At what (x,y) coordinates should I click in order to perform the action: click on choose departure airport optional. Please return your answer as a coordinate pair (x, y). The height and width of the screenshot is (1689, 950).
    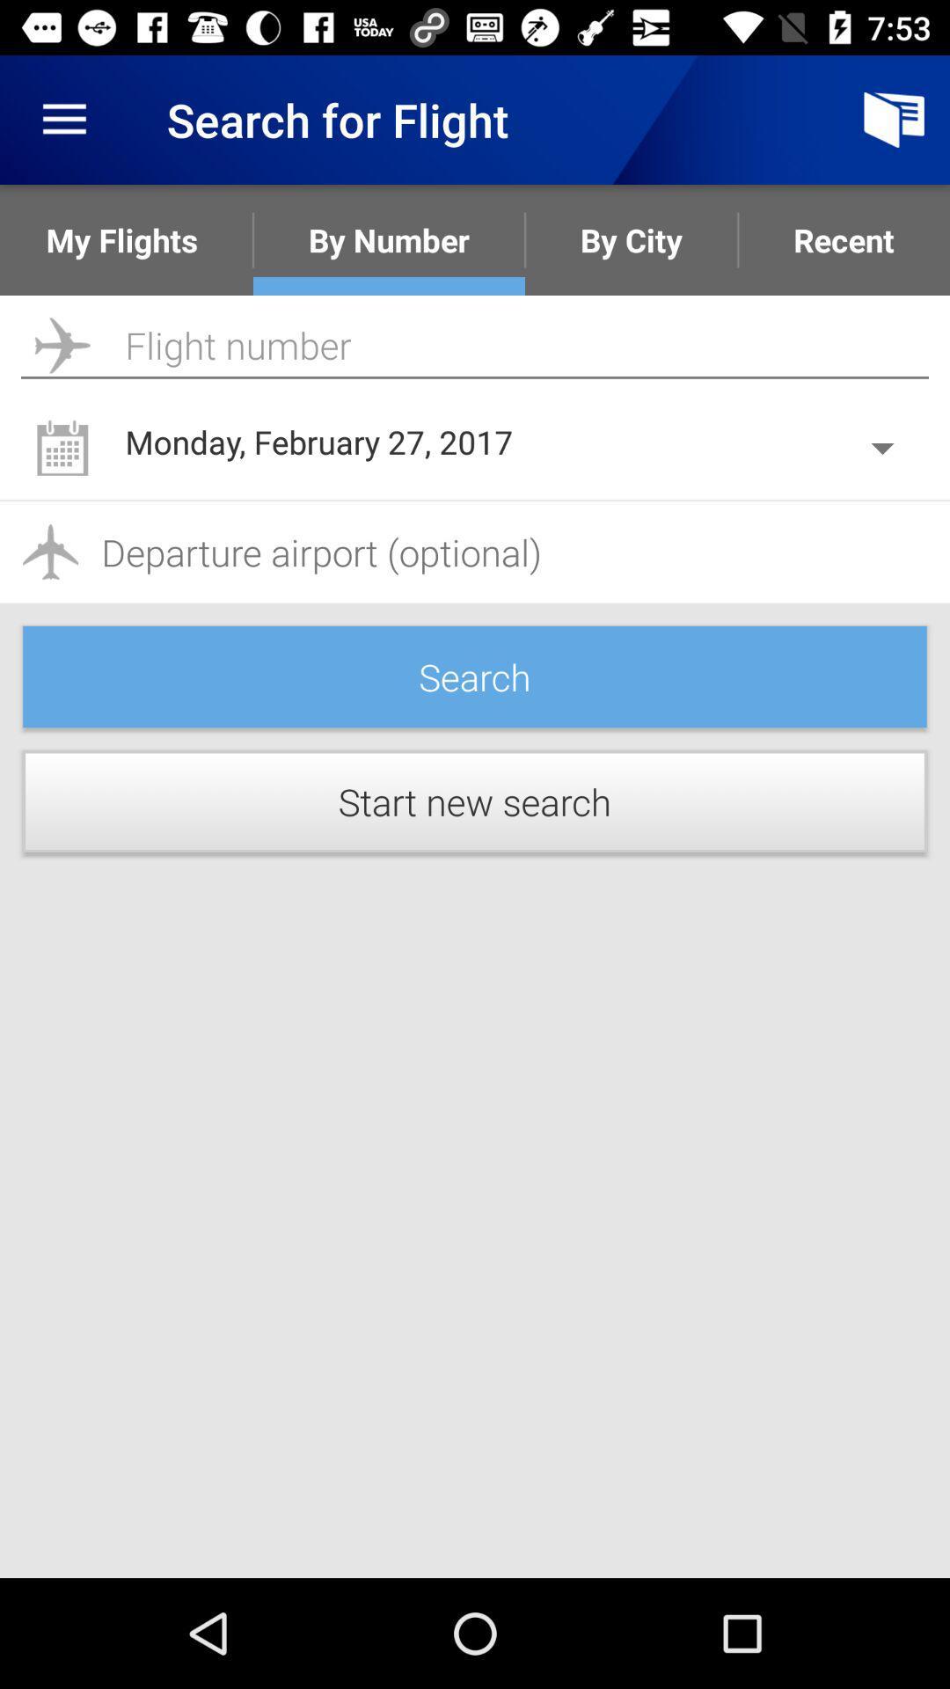
    Looking at the image, I should click on (475, 551).